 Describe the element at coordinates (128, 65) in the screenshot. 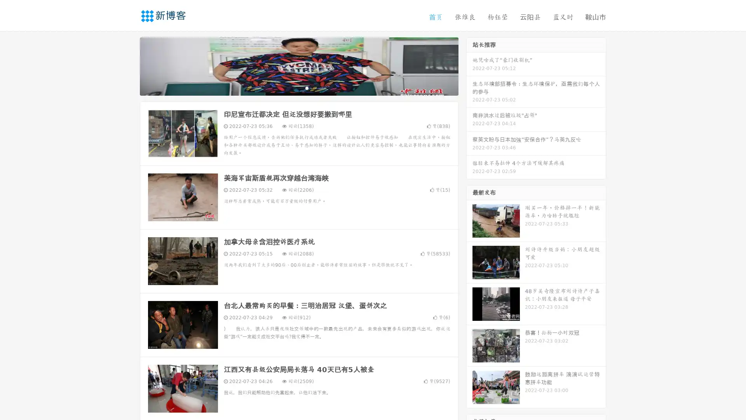

I see `Previous slide` at that location.